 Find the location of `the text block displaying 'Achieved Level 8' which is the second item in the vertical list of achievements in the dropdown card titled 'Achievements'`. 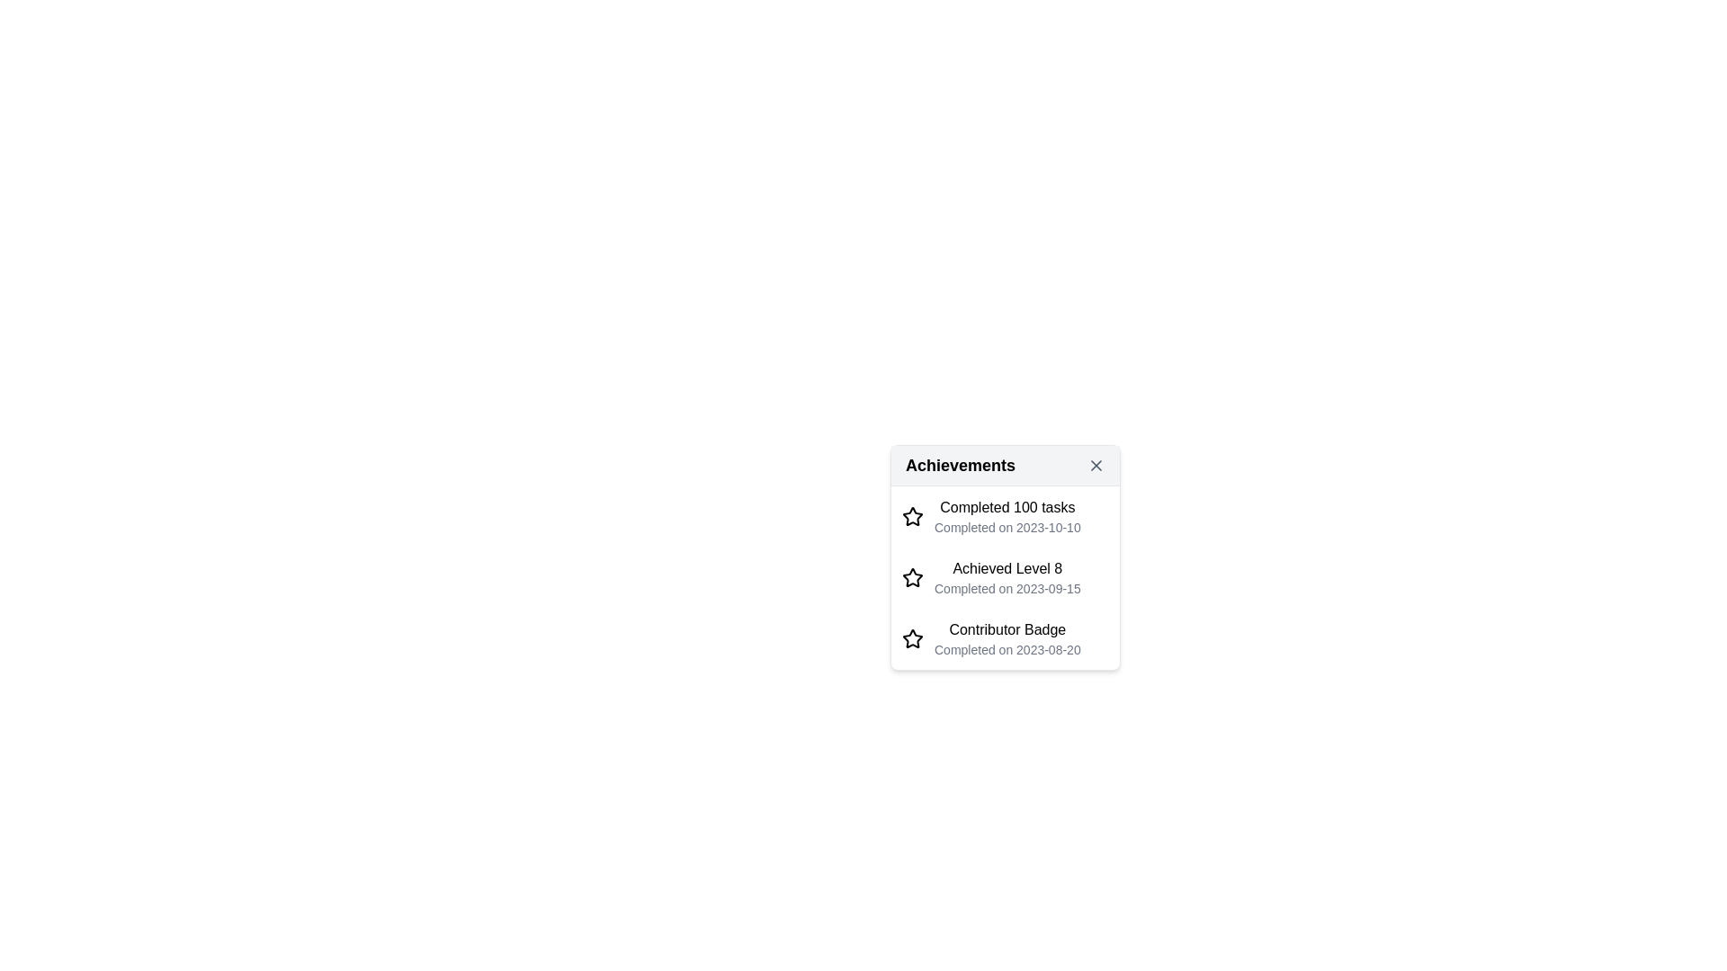

the text block displaying 'Achieved Level 8' which is the second item in the vertical list of achievements in the dropdown card titled 'Achievements' is located at coordinates (1005, 577).